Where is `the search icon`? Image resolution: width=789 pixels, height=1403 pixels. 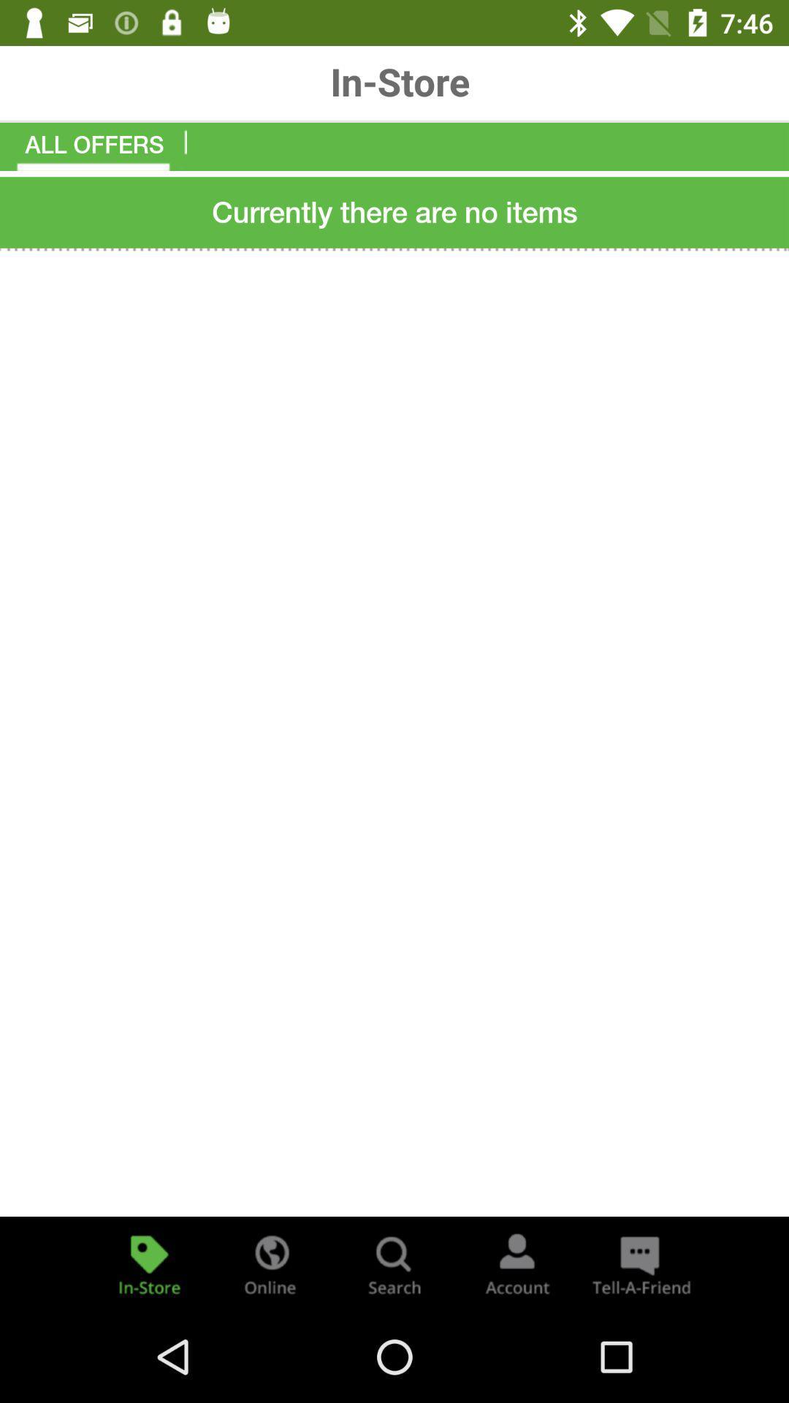
the search icon is located at coordinates (394, 1263).